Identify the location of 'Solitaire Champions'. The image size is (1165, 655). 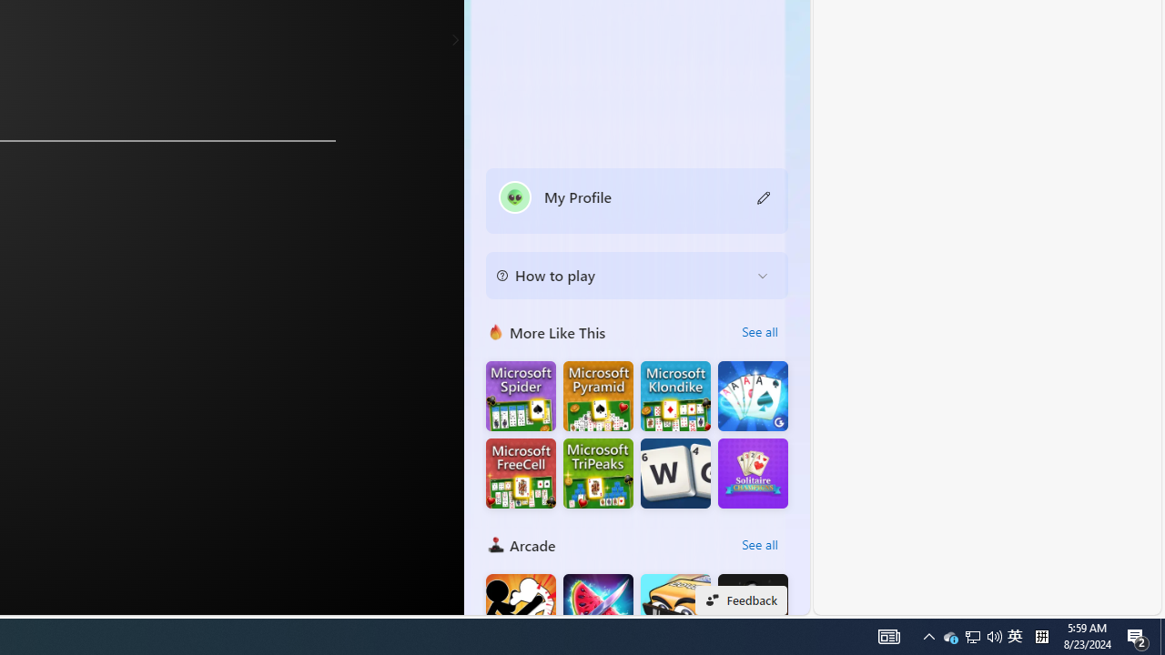
(753, 472).